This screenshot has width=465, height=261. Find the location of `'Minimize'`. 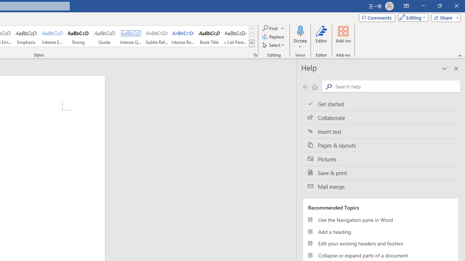

'Minimize' is located at coordinates (423, 6).